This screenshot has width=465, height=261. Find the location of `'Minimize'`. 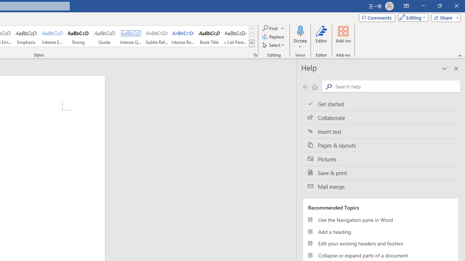

'Minimize' is located at coordinates (423, 6).